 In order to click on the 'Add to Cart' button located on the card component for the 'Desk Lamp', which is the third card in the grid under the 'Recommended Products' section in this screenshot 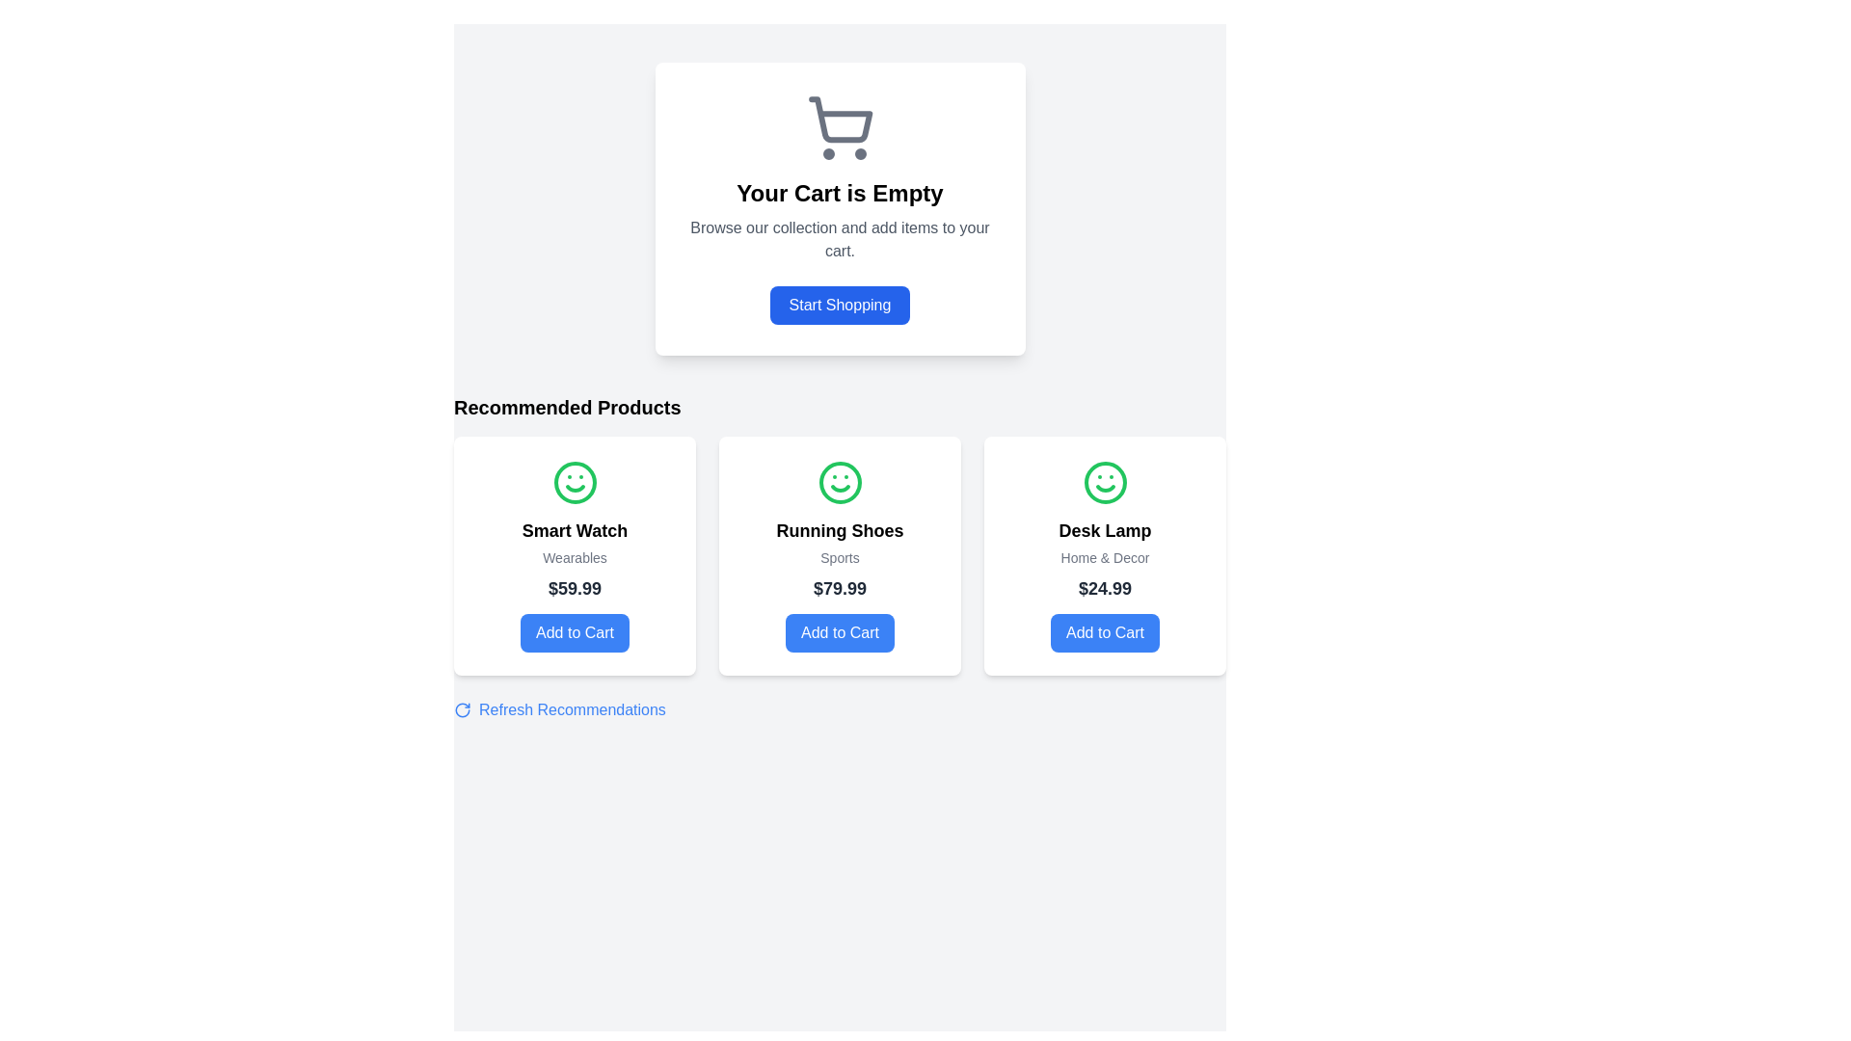, I will do `click(1105, 556)`.